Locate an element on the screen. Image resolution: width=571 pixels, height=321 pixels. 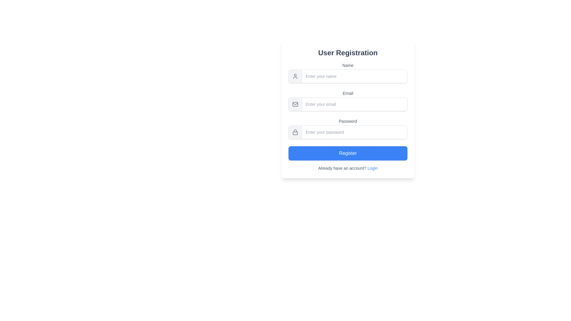
the email icon located to the left of the email input field in the form, which serves as a visual association for email clarification is located at coordinates (295, 103).